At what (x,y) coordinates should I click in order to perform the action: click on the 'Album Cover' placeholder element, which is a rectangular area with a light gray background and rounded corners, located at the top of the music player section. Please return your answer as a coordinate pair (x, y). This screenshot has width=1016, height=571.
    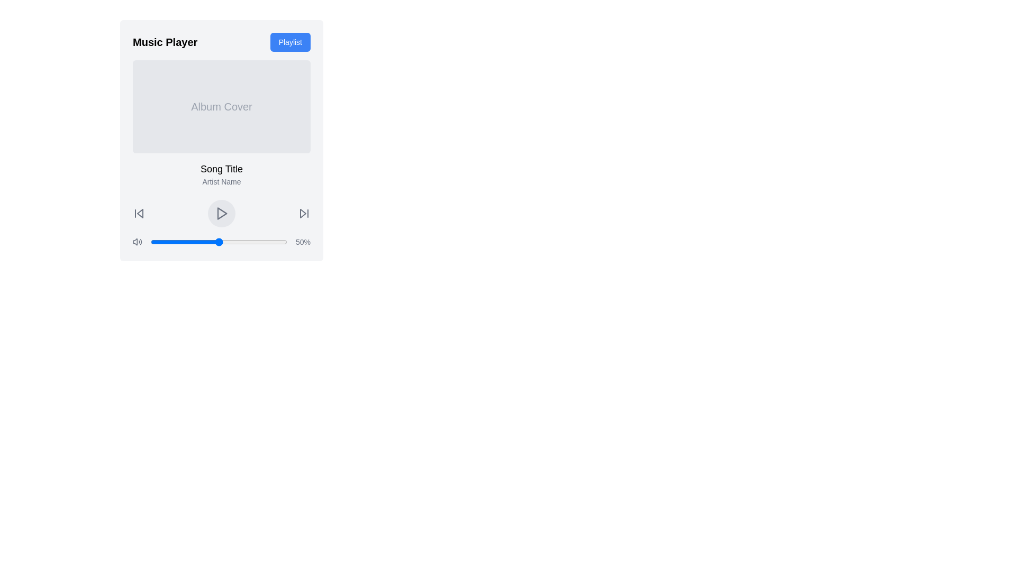
    Looking at the image, I should click on (221, 106).